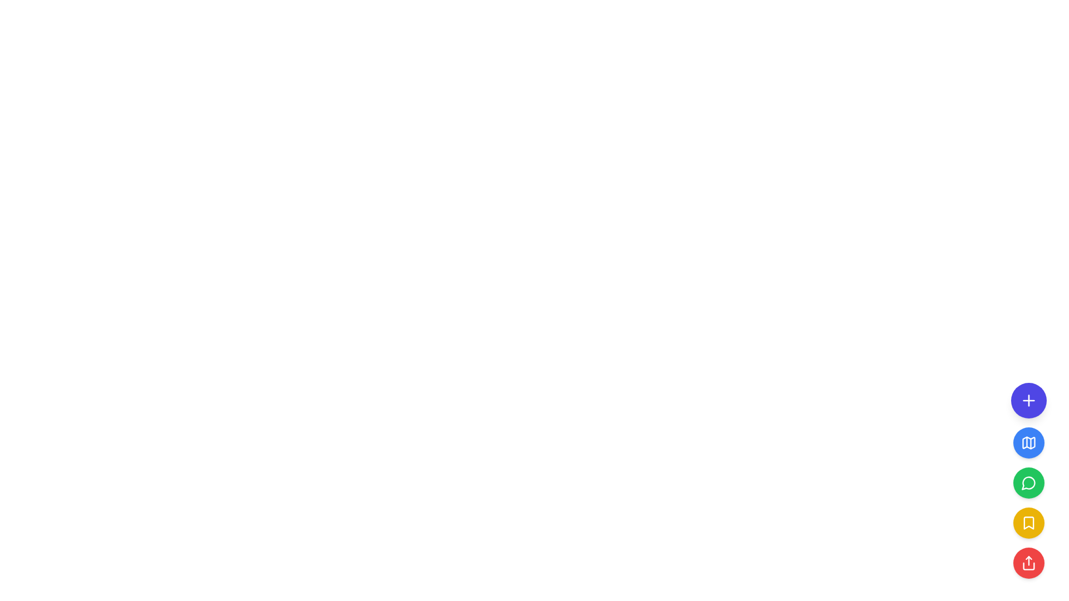 The image size is (1069, 601). What do you see at coordinates (1028, 482) in the screenshot?
I see `the third circular icon in the vertical stack on the right side of the interface, which navigates to the messages or chat-related feature of the application` at bounding box center [1028, 482].